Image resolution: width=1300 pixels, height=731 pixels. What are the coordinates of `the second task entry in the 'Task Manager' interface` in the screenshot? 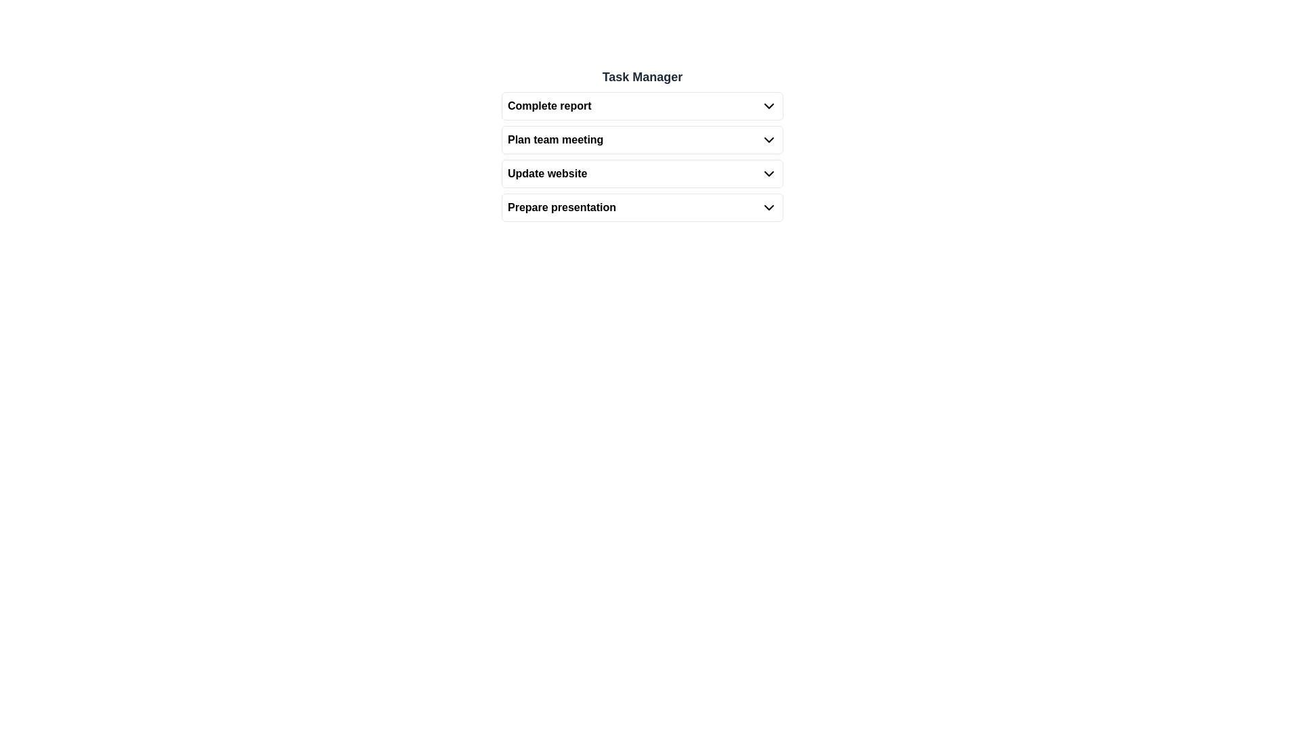 It's located at (642, 144).